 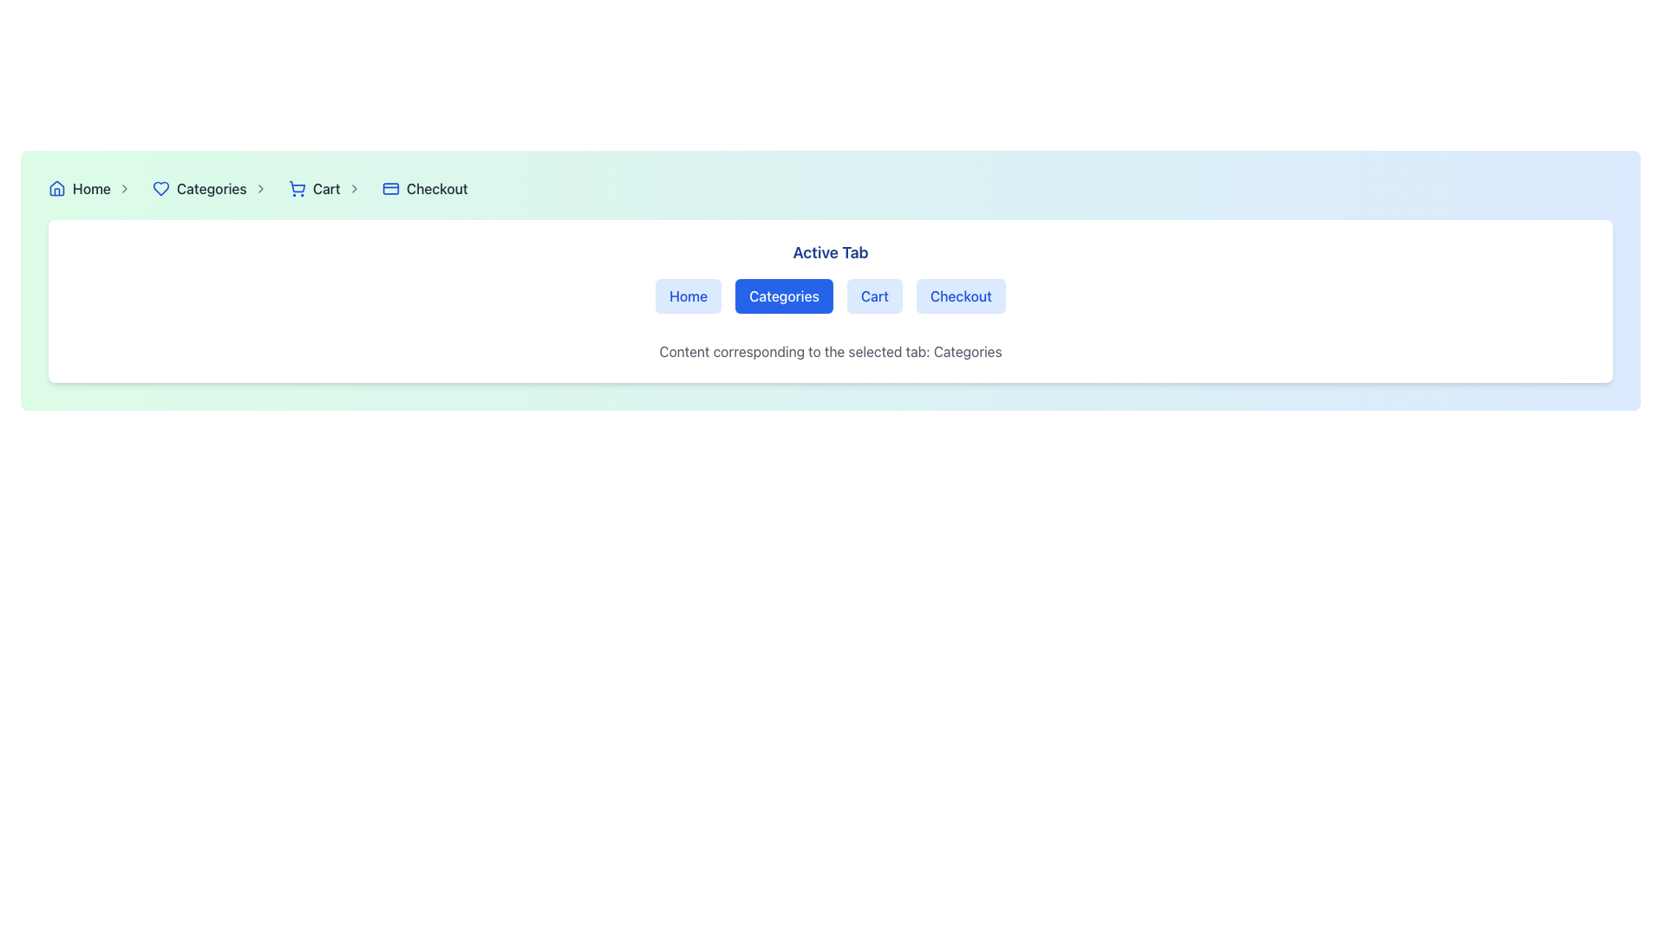 I want to click on the third breadcrumb navigation item, which is a Link with Icon, so click(x=328, y=189).